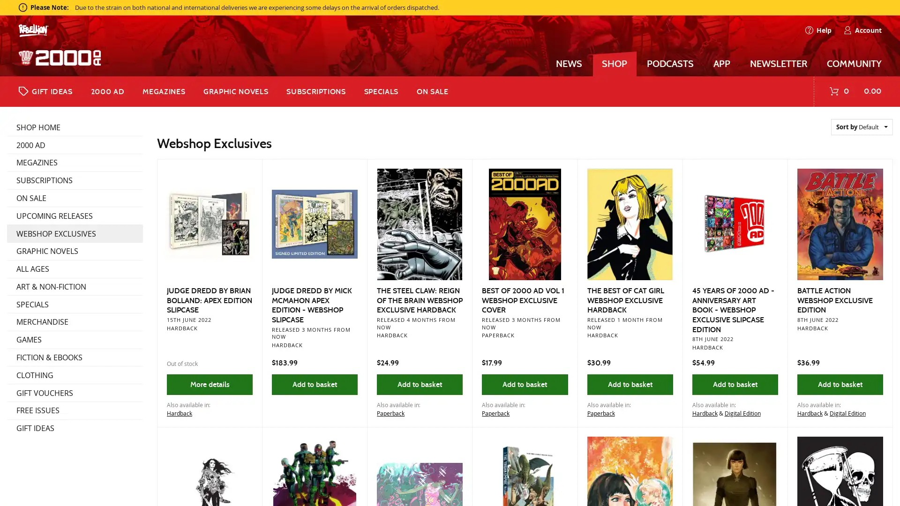  What do you see at coordinates (315, 384) in the screenshot?
I see `Add to basket` at bounding box center [315, 384].